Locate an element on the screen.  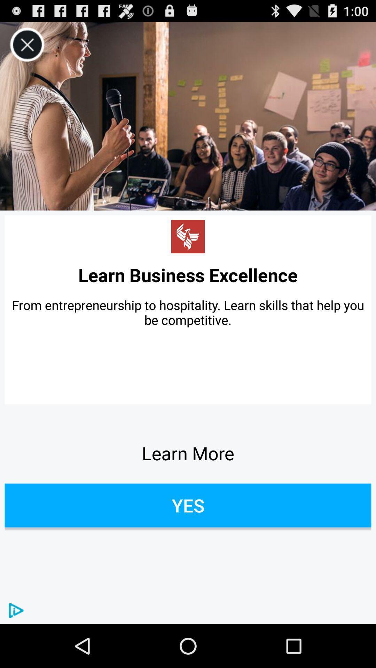
learn more icon is located at coordinates (188, 453).